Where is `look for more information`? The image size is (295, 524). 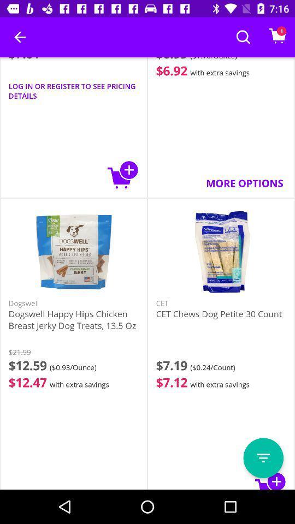
look for more information is located at coordinates (263, 458).